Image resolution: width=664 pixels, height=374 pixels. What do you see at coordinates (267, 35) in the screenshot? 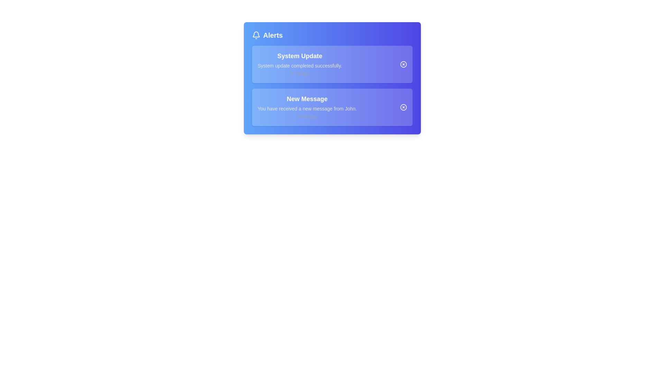
I see `the 'Alerts' label with a bell icon, styled in white against a blue background, located at the top-left corner of the main interface` at bounding box center [267, 35].